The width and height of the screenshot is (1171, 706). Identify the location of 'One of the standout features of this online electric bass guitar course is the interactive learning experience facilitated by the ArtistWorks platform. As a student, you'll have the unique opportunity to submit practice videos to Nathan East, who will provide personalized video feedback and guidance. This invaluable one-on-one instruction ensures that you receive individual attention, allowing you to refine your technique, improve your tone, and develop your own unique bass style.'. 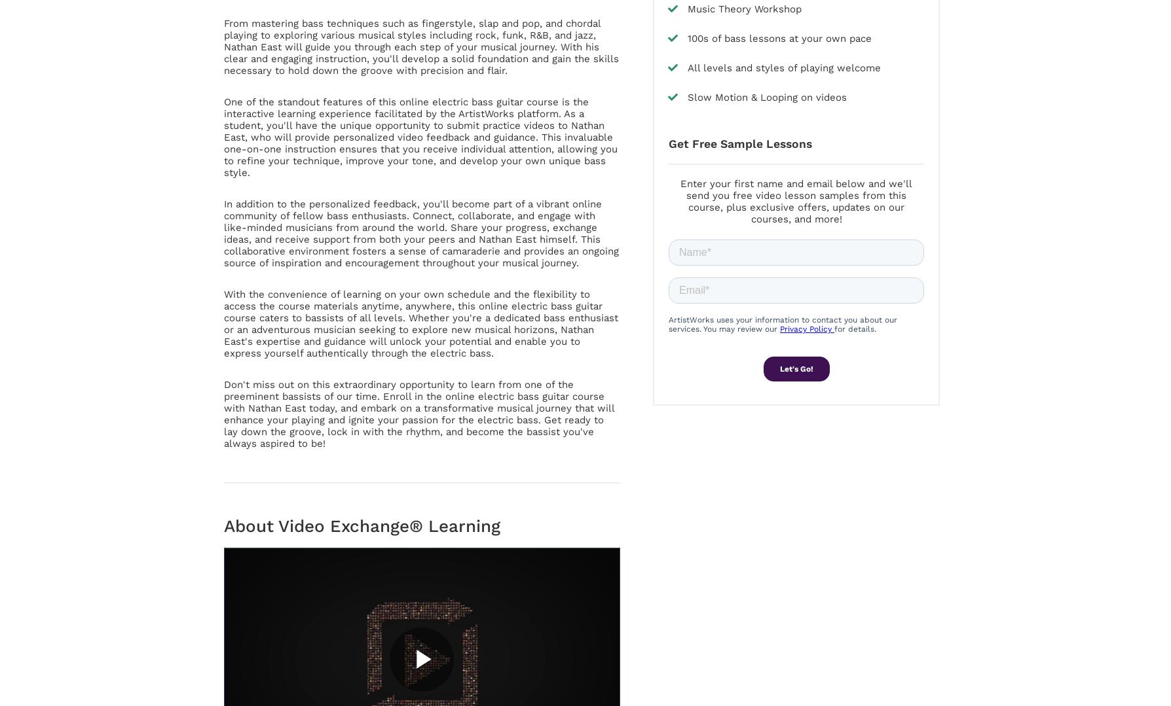
(420, 136).